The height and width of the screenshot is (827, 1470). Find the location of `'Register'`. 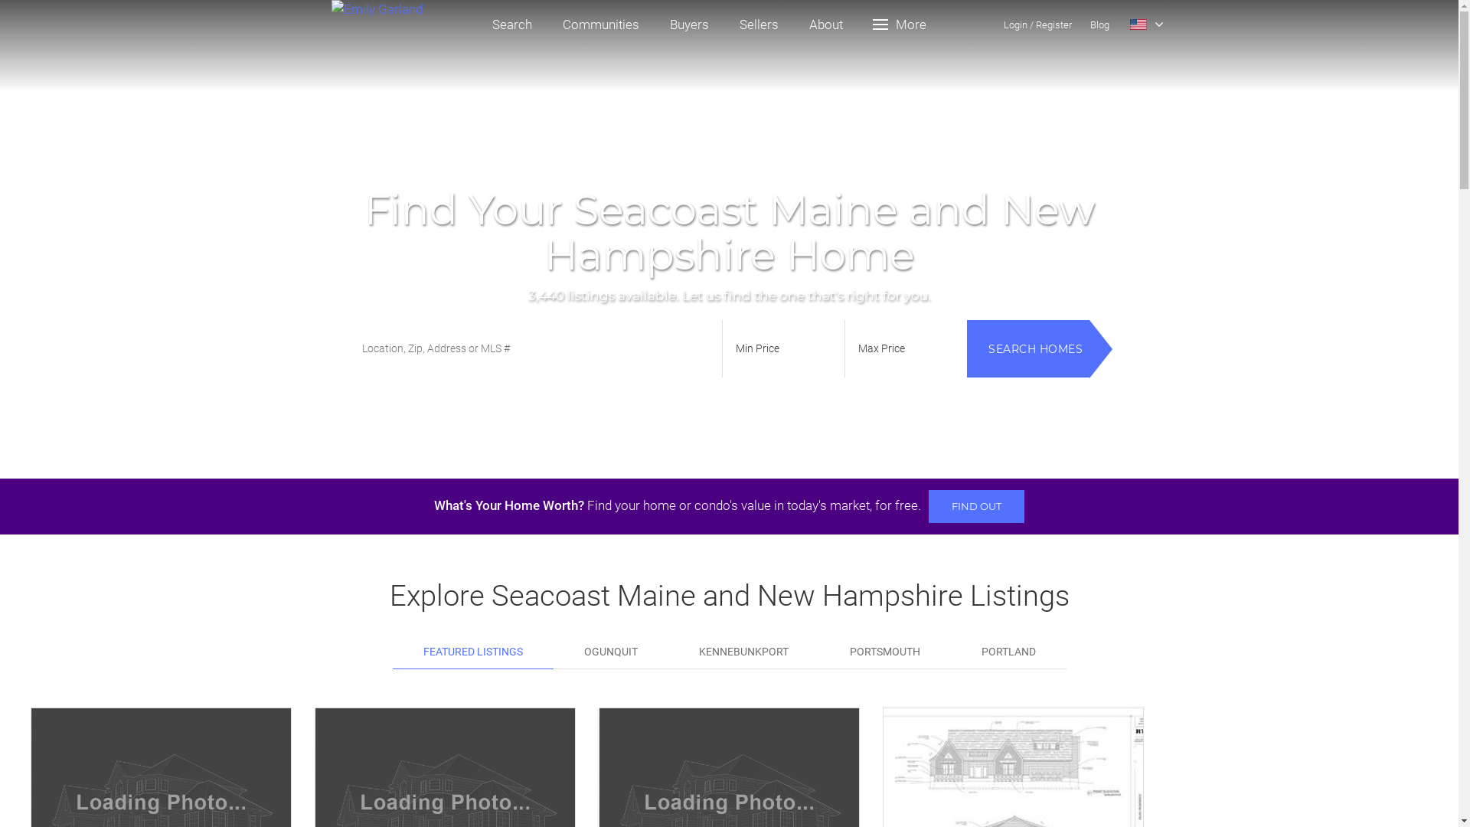

'Register' is located at coordinates (1052, 25).